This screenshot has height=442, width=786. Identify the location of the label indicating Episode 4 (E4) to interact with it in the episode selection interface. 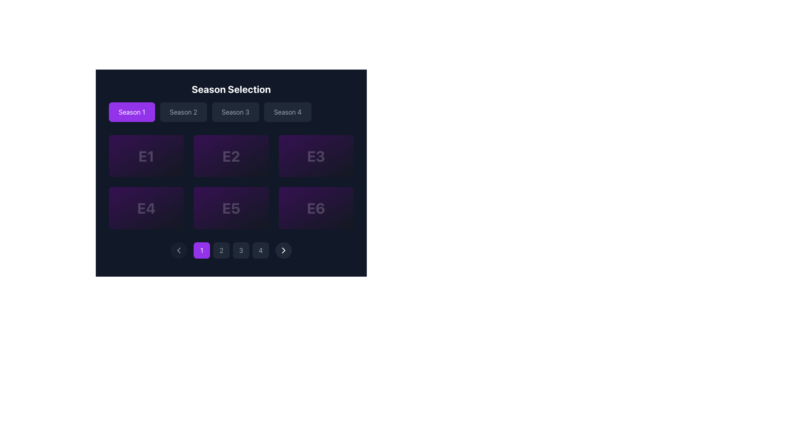
(146, 207).